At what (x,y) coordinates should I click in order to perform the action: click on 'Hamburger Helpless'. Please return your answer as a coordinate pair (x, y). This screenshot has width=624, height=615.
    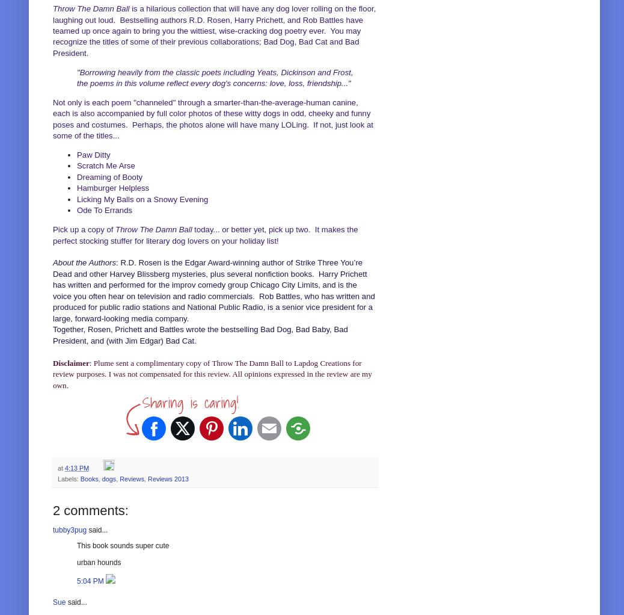
    Looking at the image, I should click on (112, 187).